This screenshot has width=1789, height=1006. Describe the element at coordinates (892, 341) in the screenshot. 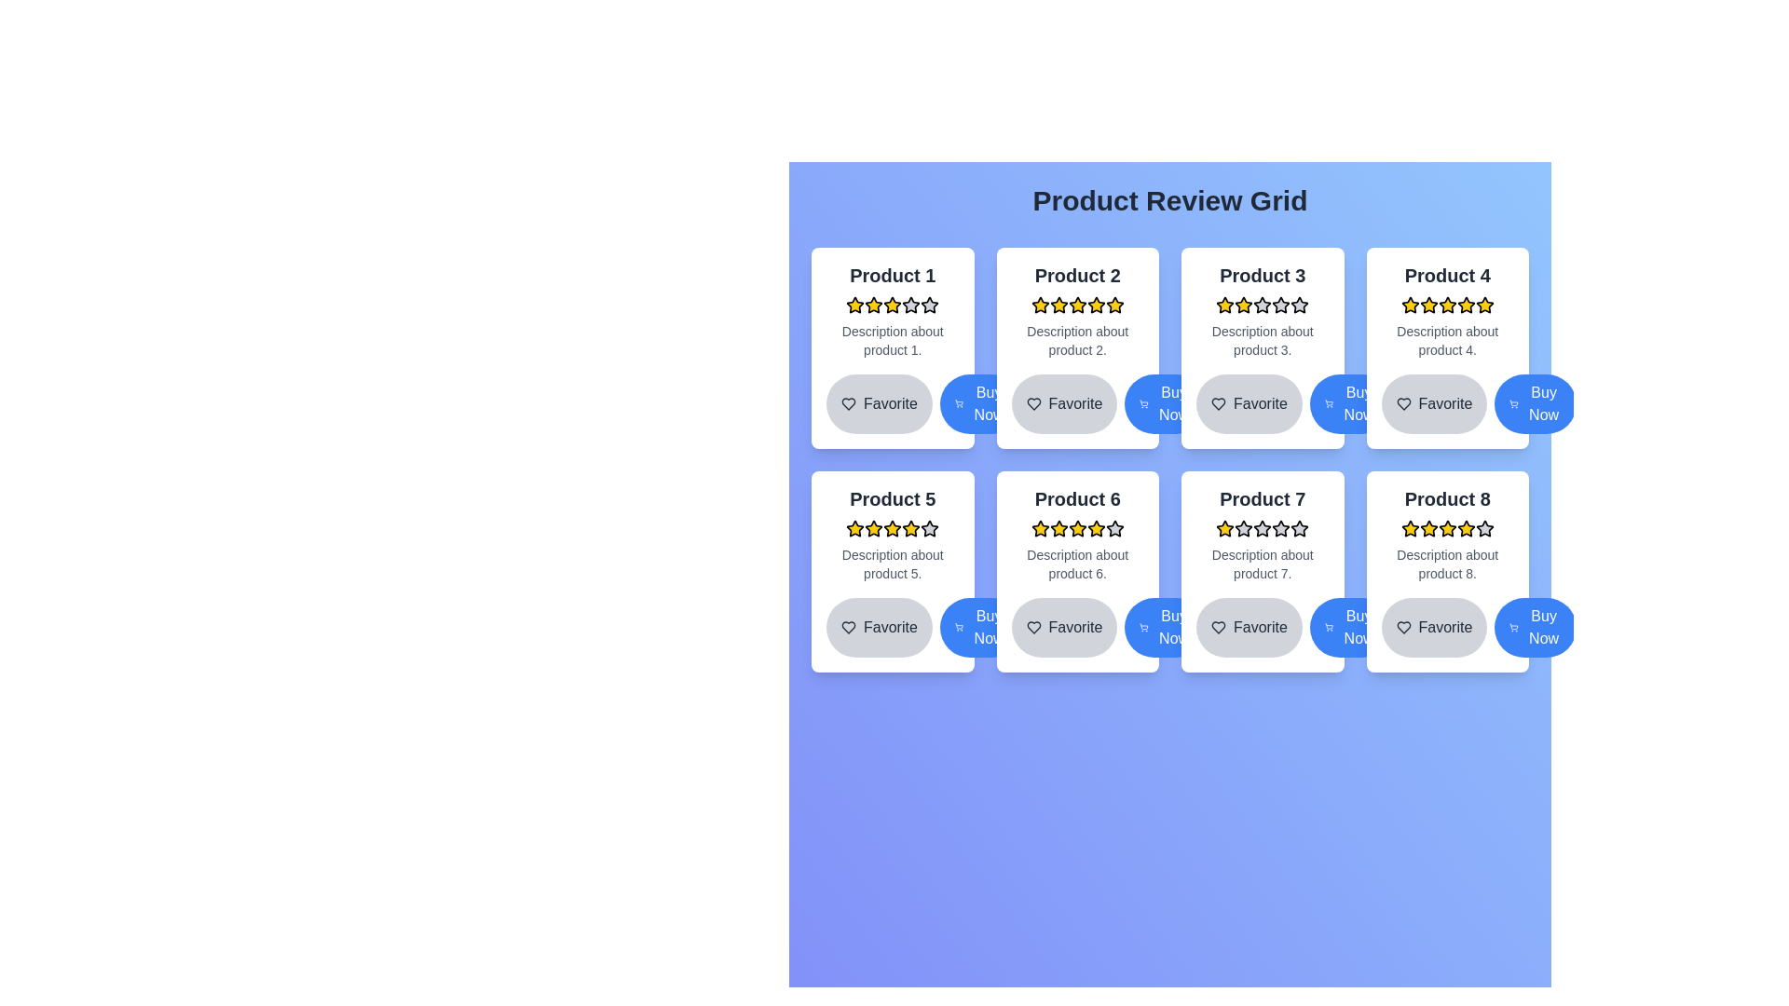

I see `the text component providing a summary about 'Product 1', located below the star rating and above the 'Favorite' button` at that location.